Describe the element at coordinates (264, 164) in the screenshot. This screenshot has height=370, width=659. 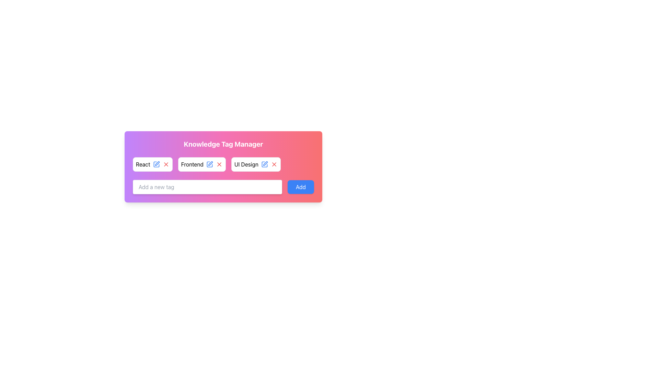
I see `the edit icon located to the right of the 'UI Design' text tag` at that location.